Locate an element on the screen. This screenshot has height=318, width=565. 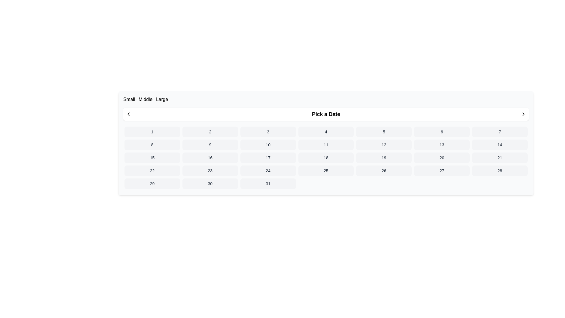
the button displaying the number '16' in a calendar grid layout is located at coordinates (210, 158).